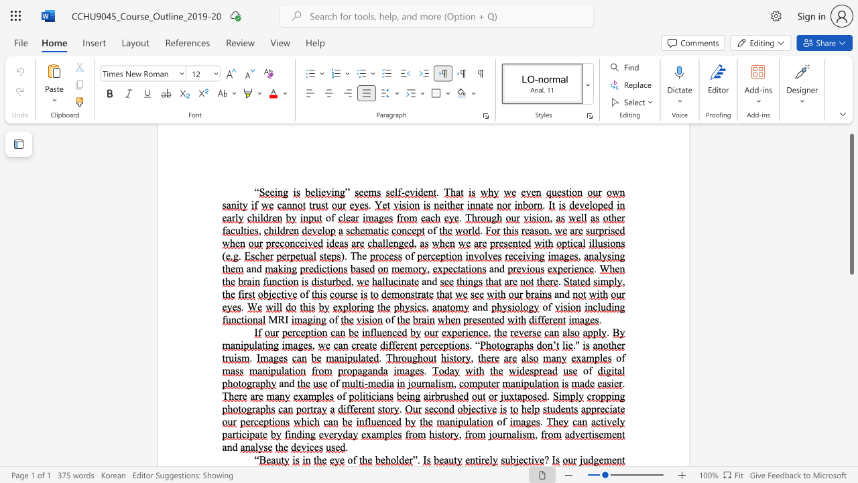 This screenshot has height=483, width=858. Describe the element at coordinates (851, 204) in the screenshot. I see `the scrollbar and move down 120 pixels` at that location.